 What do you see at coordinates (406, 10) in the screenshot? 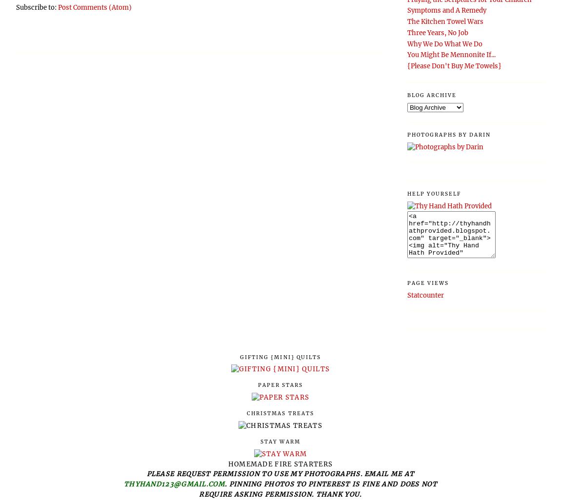
I see `'Symptoms and A Remedy'` at bounding box center [406, 10].